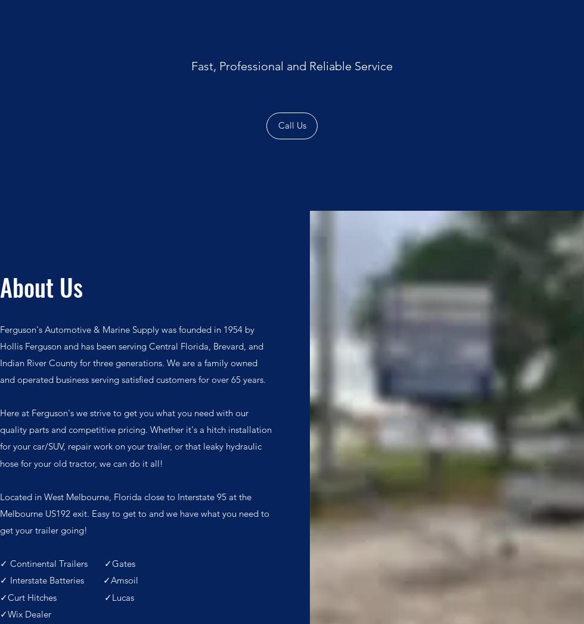 The image size is (584, 624). Describe the element at coordinates (134, 354) in the screenshot. I see `'Ferguson's Automotive & Marine Supply was founded in 1954 by Hollis Ferguson and has been serving Central Florida, Brevard, and Indian River County for three generations. We are a family owned and operated business serving satisfied customers for over 65 years.'` at that location.